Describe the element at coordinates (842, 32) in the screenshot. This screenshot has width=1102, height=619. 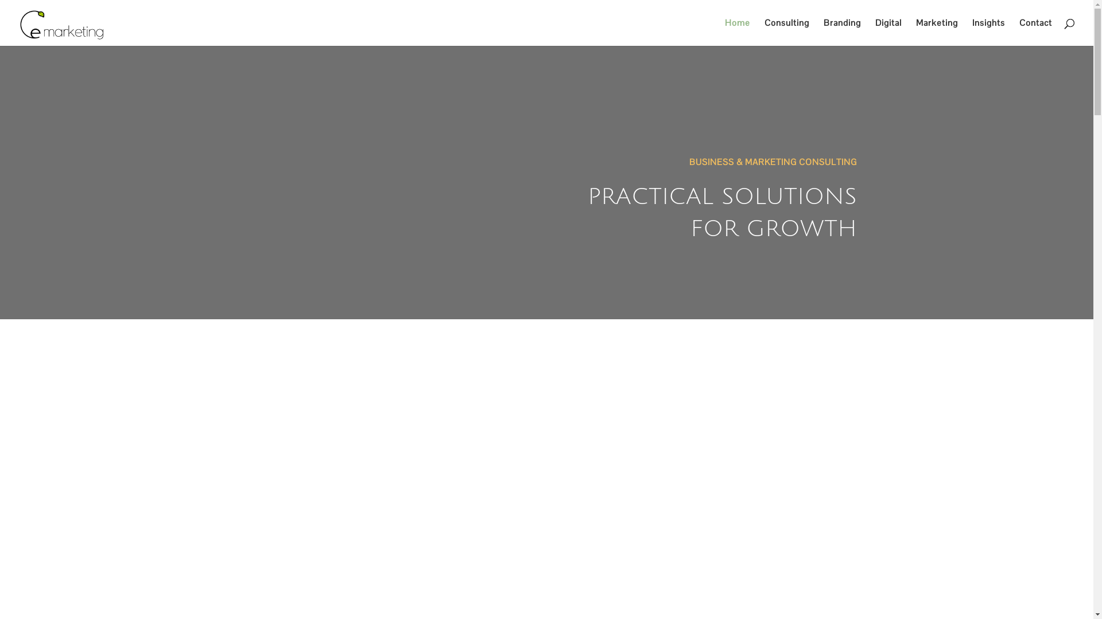
I see `'Branding'` at that location.